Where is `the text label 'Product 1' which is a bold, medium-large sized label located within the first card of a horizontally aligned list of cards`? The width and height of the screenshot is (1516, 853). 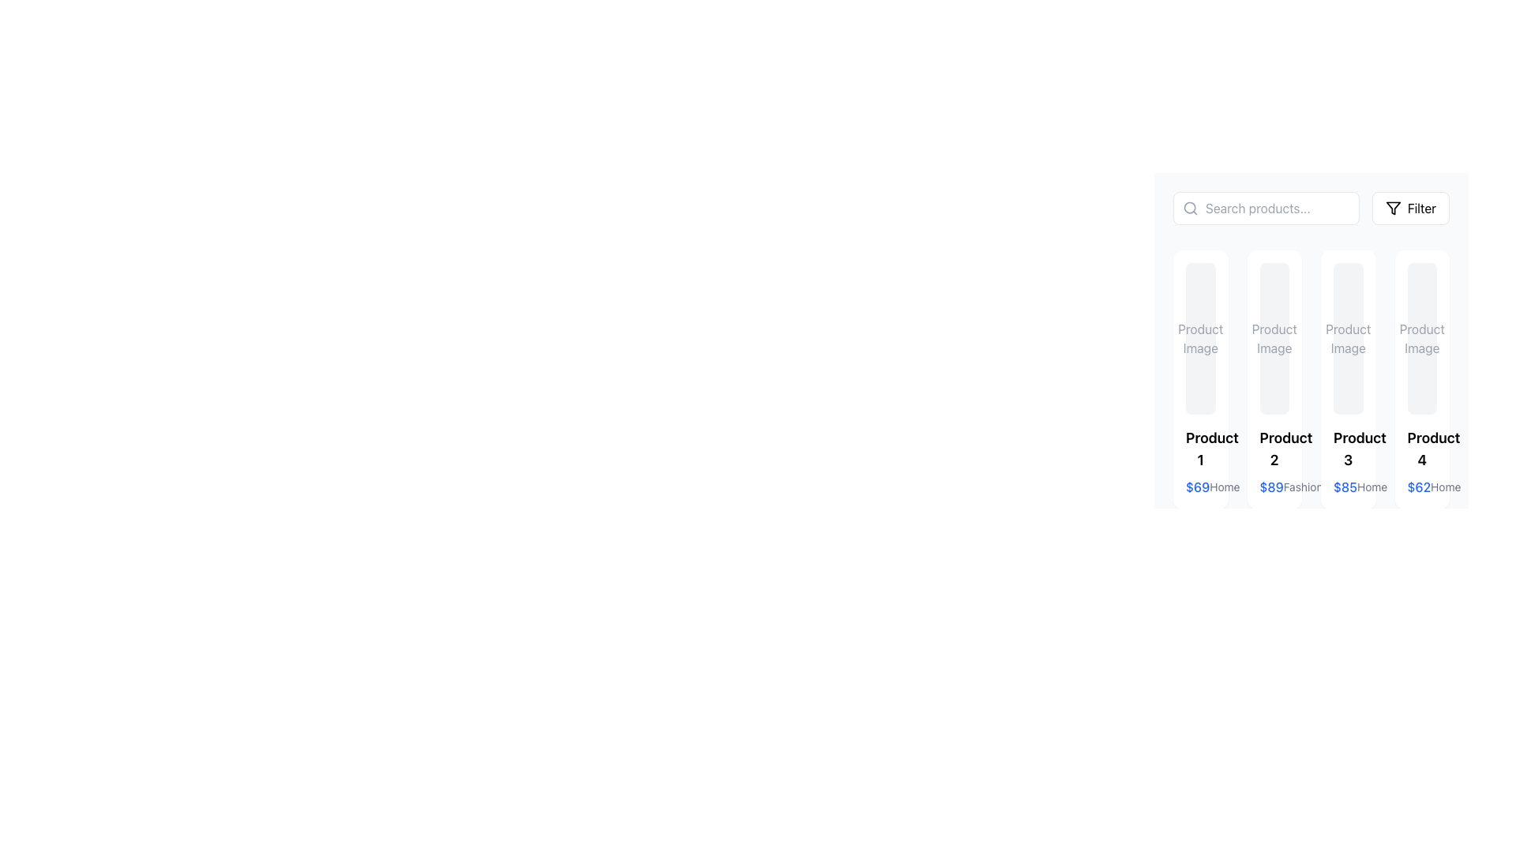 the text label 'Product 1' which is a bold, medium-large sized label located within the first card of a horizontally aligned list of cards is located at coordinates (1200, 449).